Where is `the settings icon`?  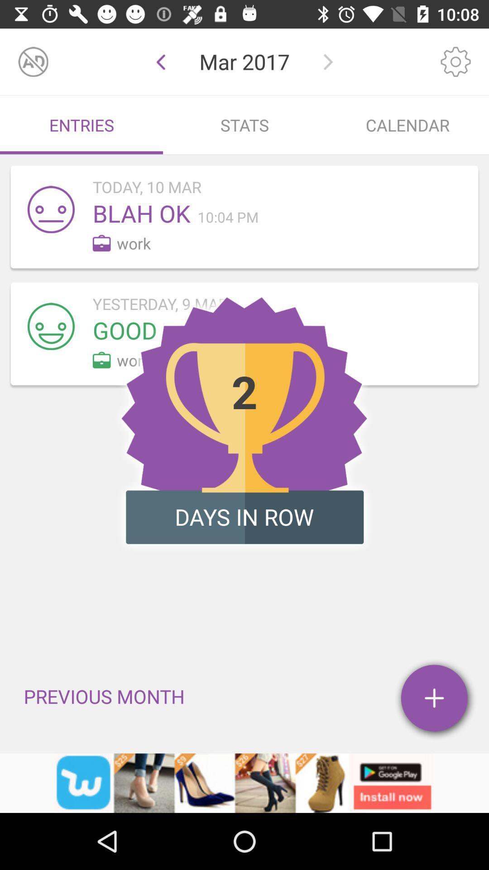 the settings icon is located at coordinates (455, 61).